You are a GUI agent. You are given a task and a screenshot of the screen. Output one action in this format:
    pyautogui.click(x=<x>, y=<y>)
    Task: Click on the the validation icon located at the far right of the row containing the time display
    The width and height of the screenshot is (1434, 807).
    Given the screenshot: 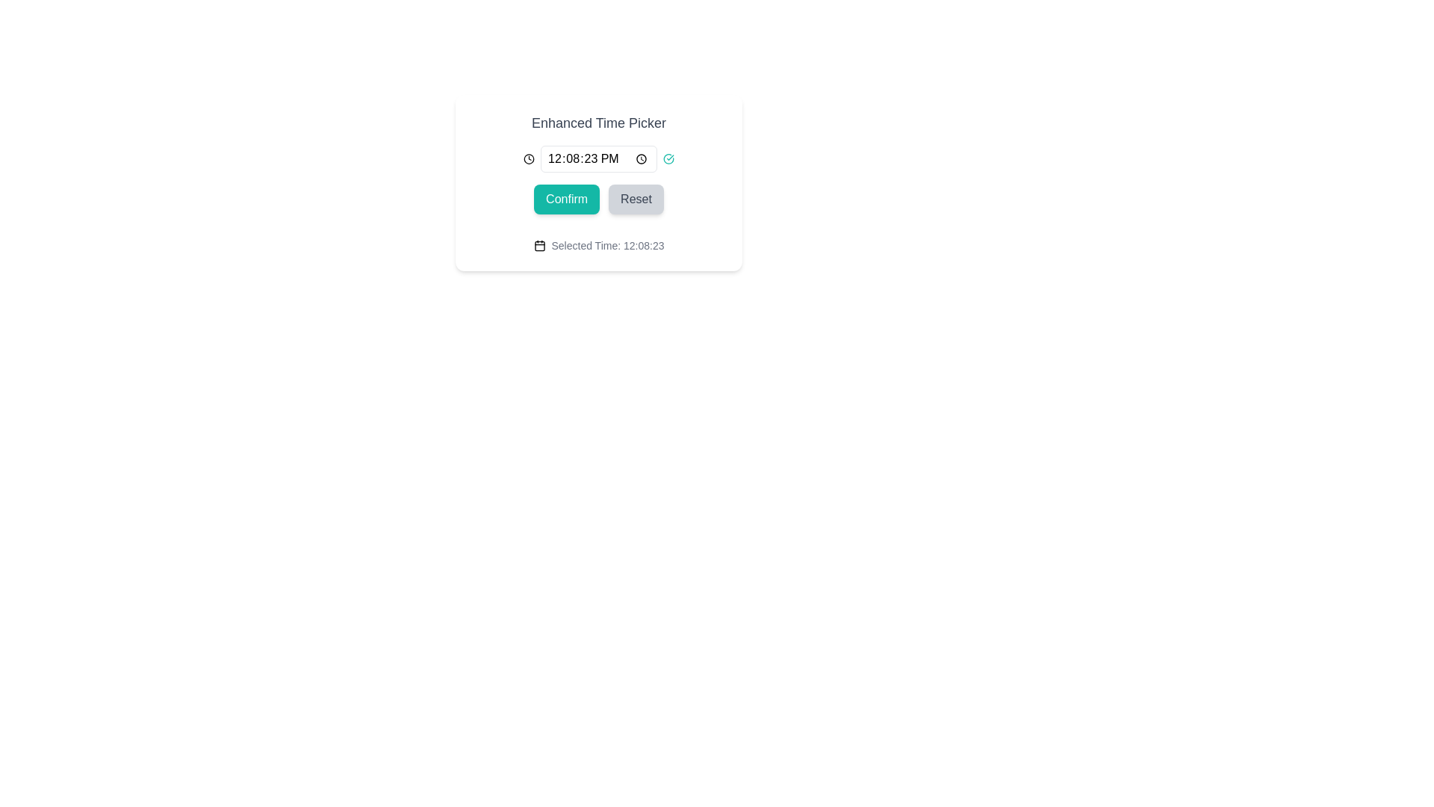 What is the action you would take?
    pyautogui.click(x=668, y=158)
    